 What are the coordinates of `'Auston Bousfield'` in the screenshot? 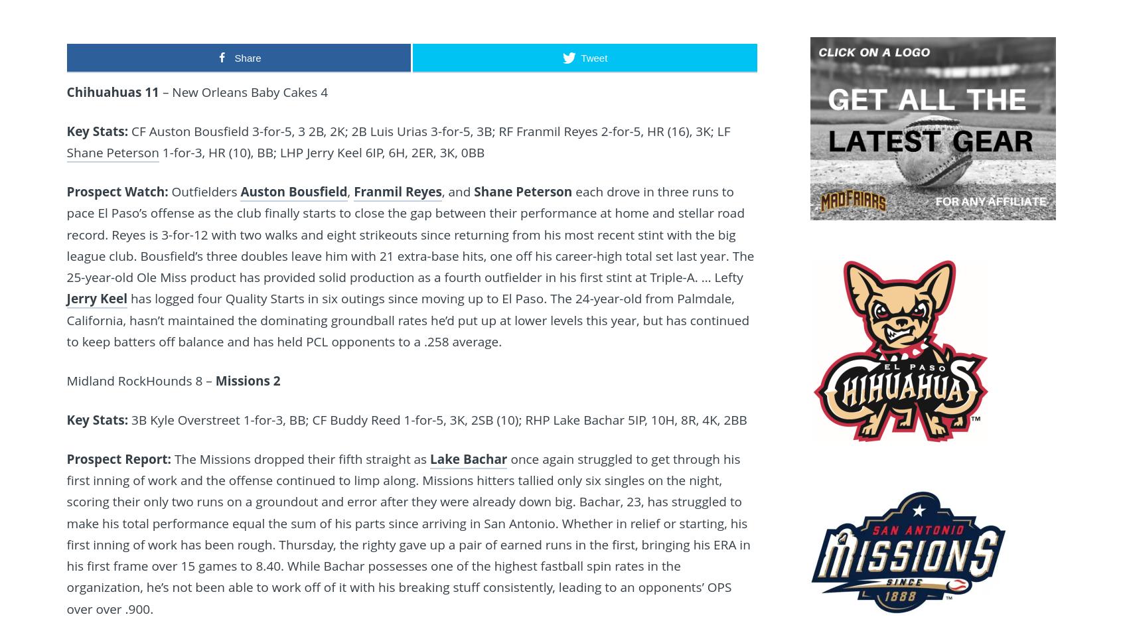 It's located at (240, 190).